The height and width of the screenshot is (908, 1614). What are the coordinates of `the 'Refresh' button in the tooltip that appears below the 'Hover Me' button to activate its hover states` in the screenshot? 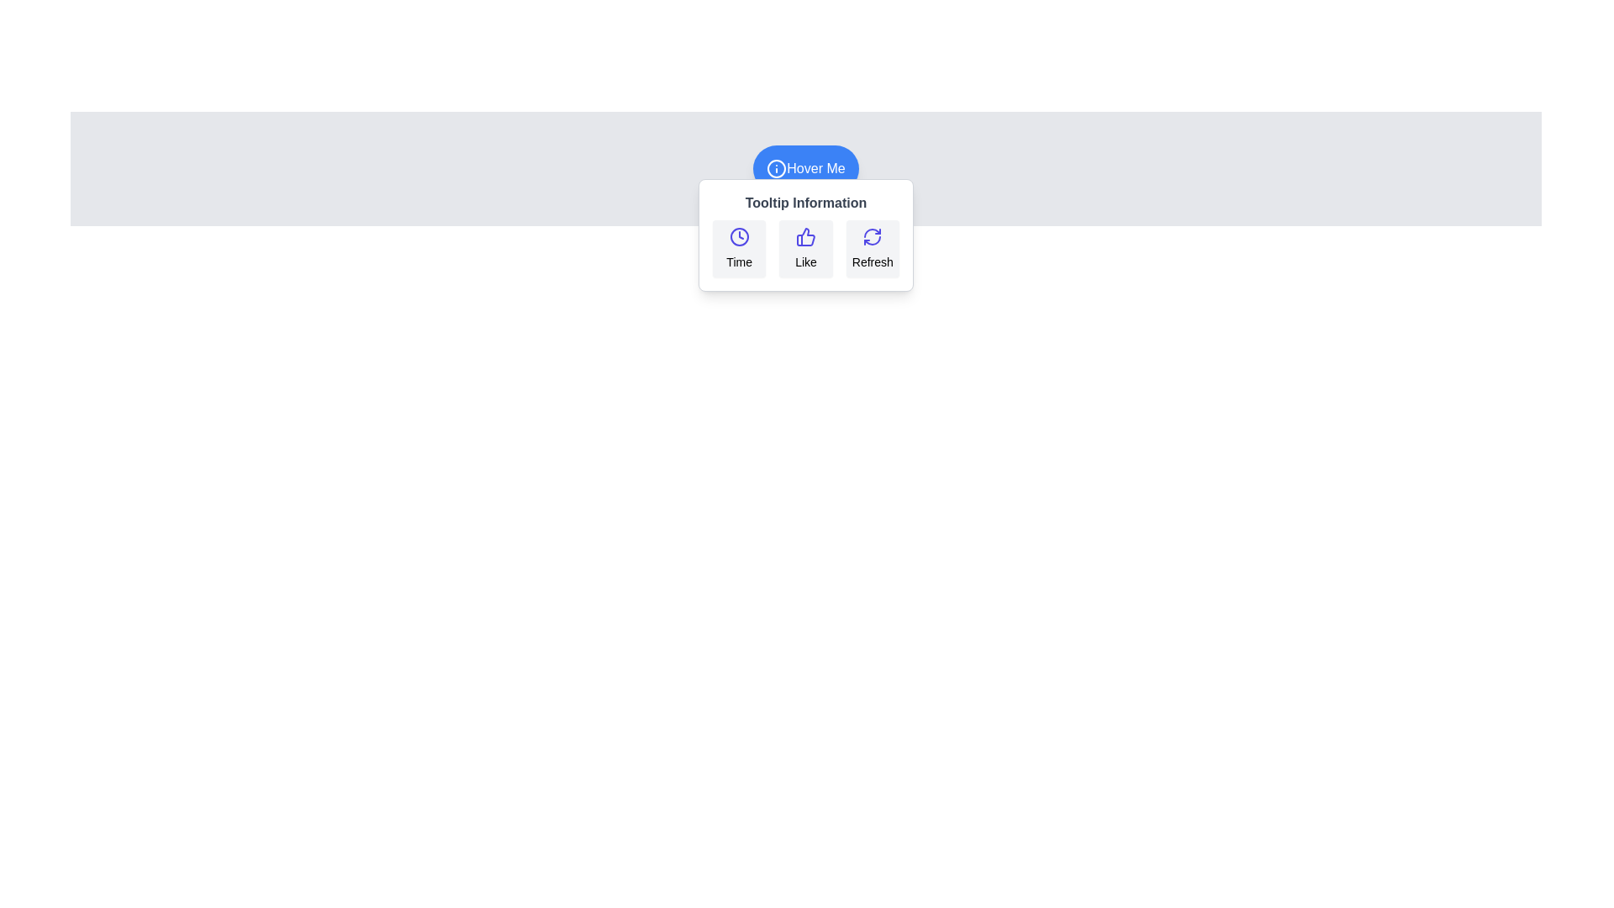 It's located at (873, 249).